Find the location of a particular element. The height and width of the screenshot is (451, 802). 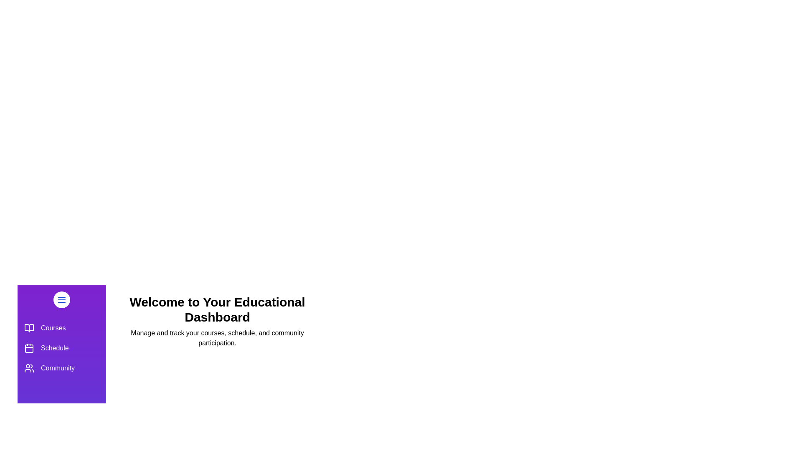

the 'Schedule' option in the sidebar is located at coordinates (61, 348).